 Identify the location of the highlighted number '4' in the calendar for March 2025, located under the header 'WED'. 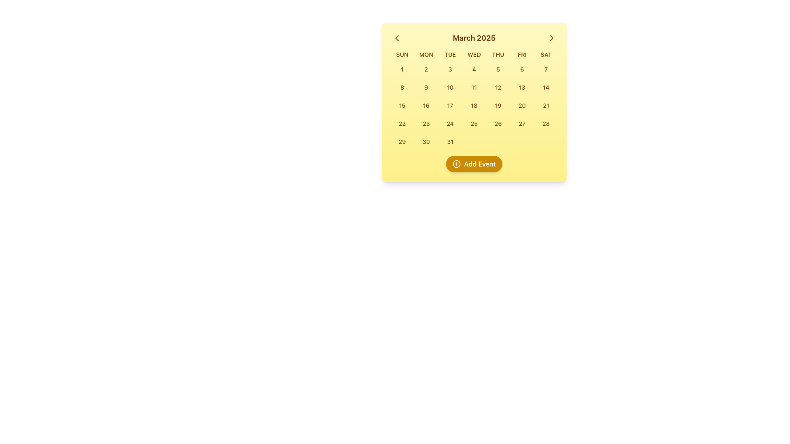
(474, 69).